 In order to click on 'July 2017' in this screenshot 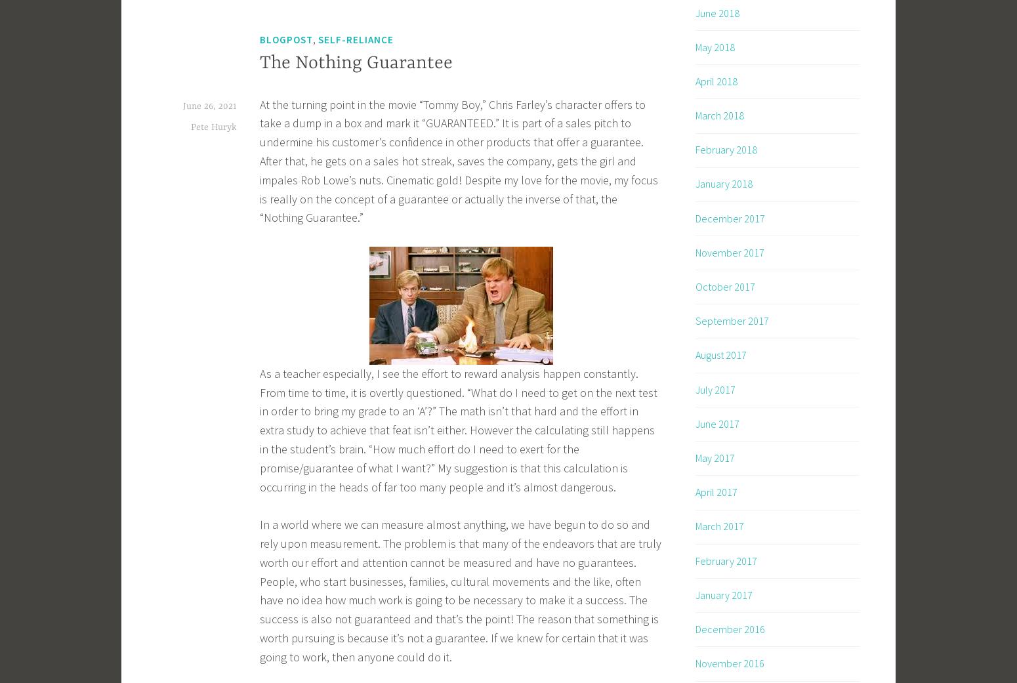, I will do `click(715, 388)`.